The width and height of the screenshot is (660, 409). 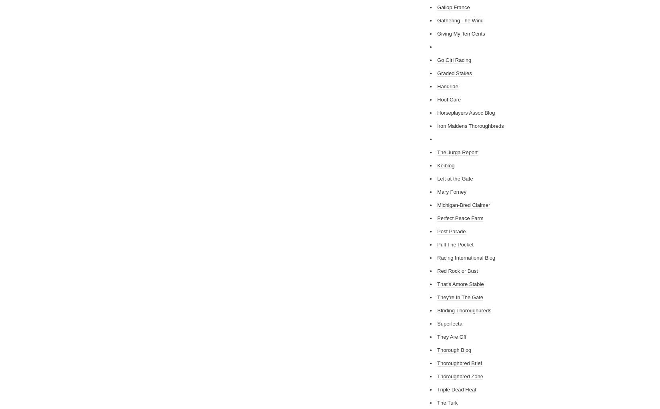 What do you see at coordinates (437, 125) in the screenshot?
I see `'Iron Maidens Thoroughbreds'` at bounding box center [437, 125].